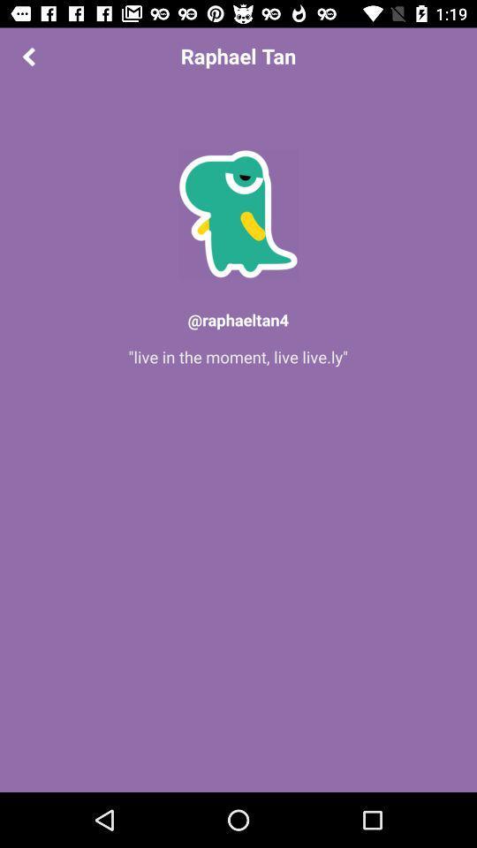 The height and width of the screenshot is (848, 477). I want to click on the arrow_backward icon, so click(27, 56).